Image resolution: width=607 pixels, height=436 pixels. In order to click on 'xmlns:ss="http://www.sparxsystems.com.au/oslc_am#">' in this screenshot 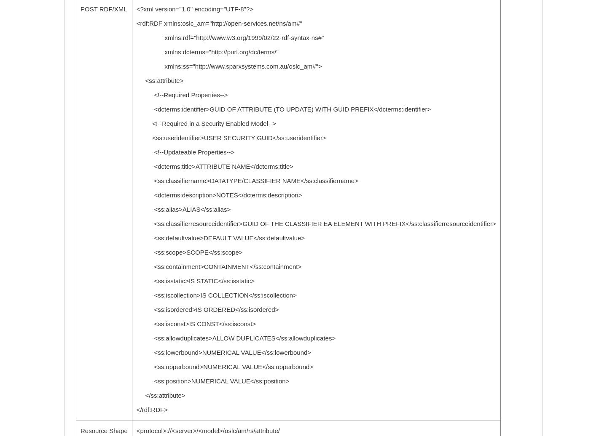, I will do `click(229, 66)`.